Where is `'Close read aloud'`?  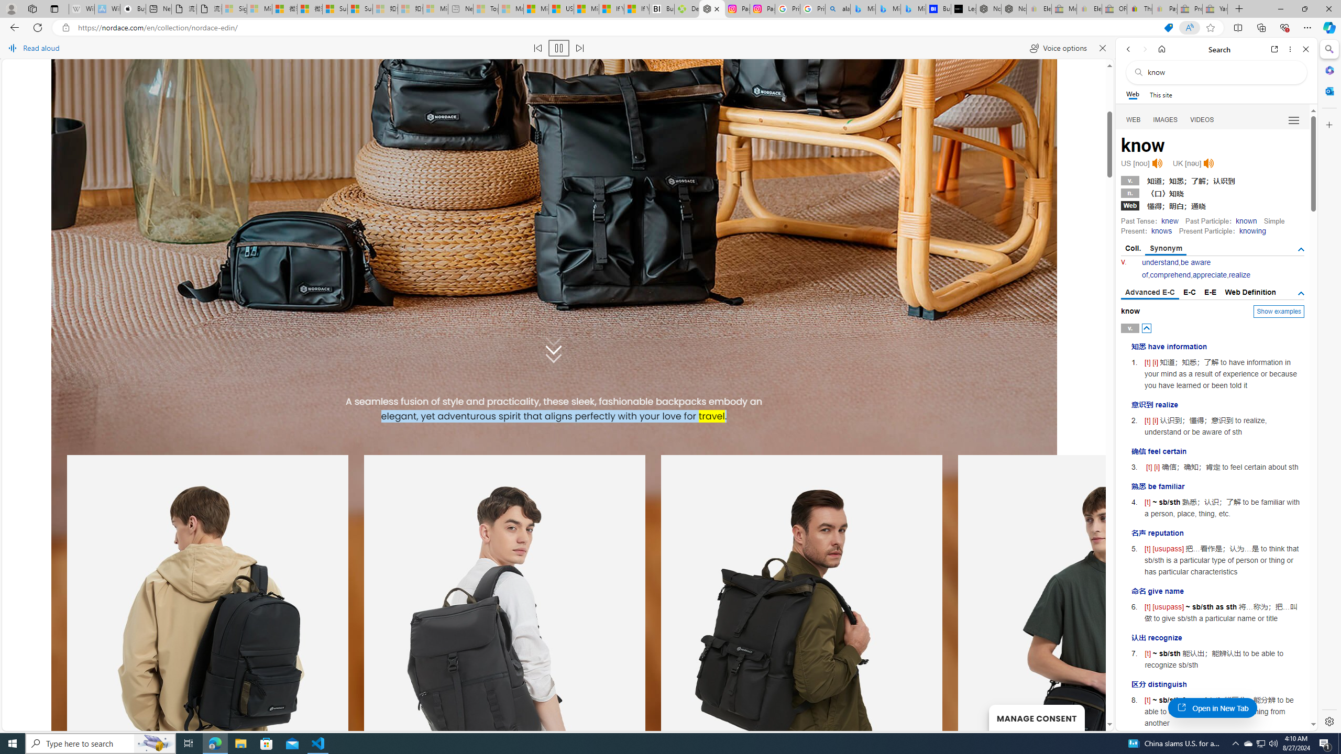
'Close read aloud' is located at coordinates (1102, 48).